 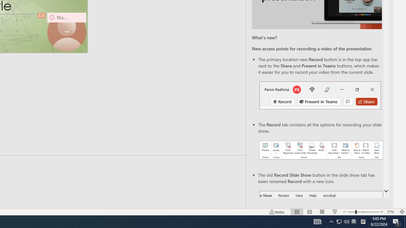 What do you see at coordinates (320, 95) in the screenshot?
I see `'Record button in top bar'` at bounding box center [320, 95].